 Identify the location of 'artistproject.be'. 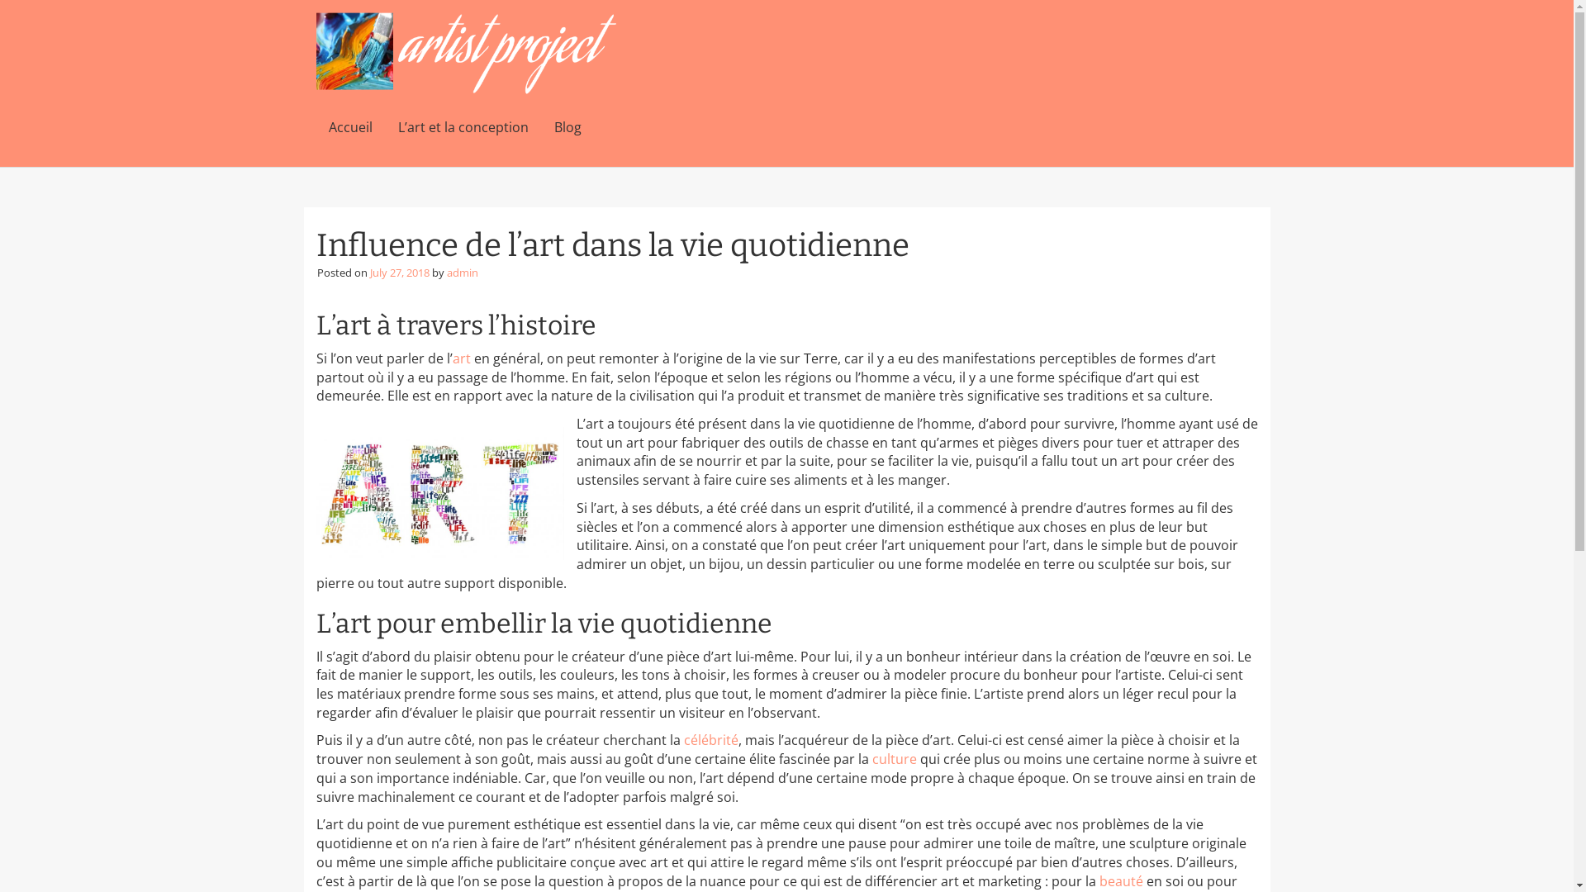
(465, 53).